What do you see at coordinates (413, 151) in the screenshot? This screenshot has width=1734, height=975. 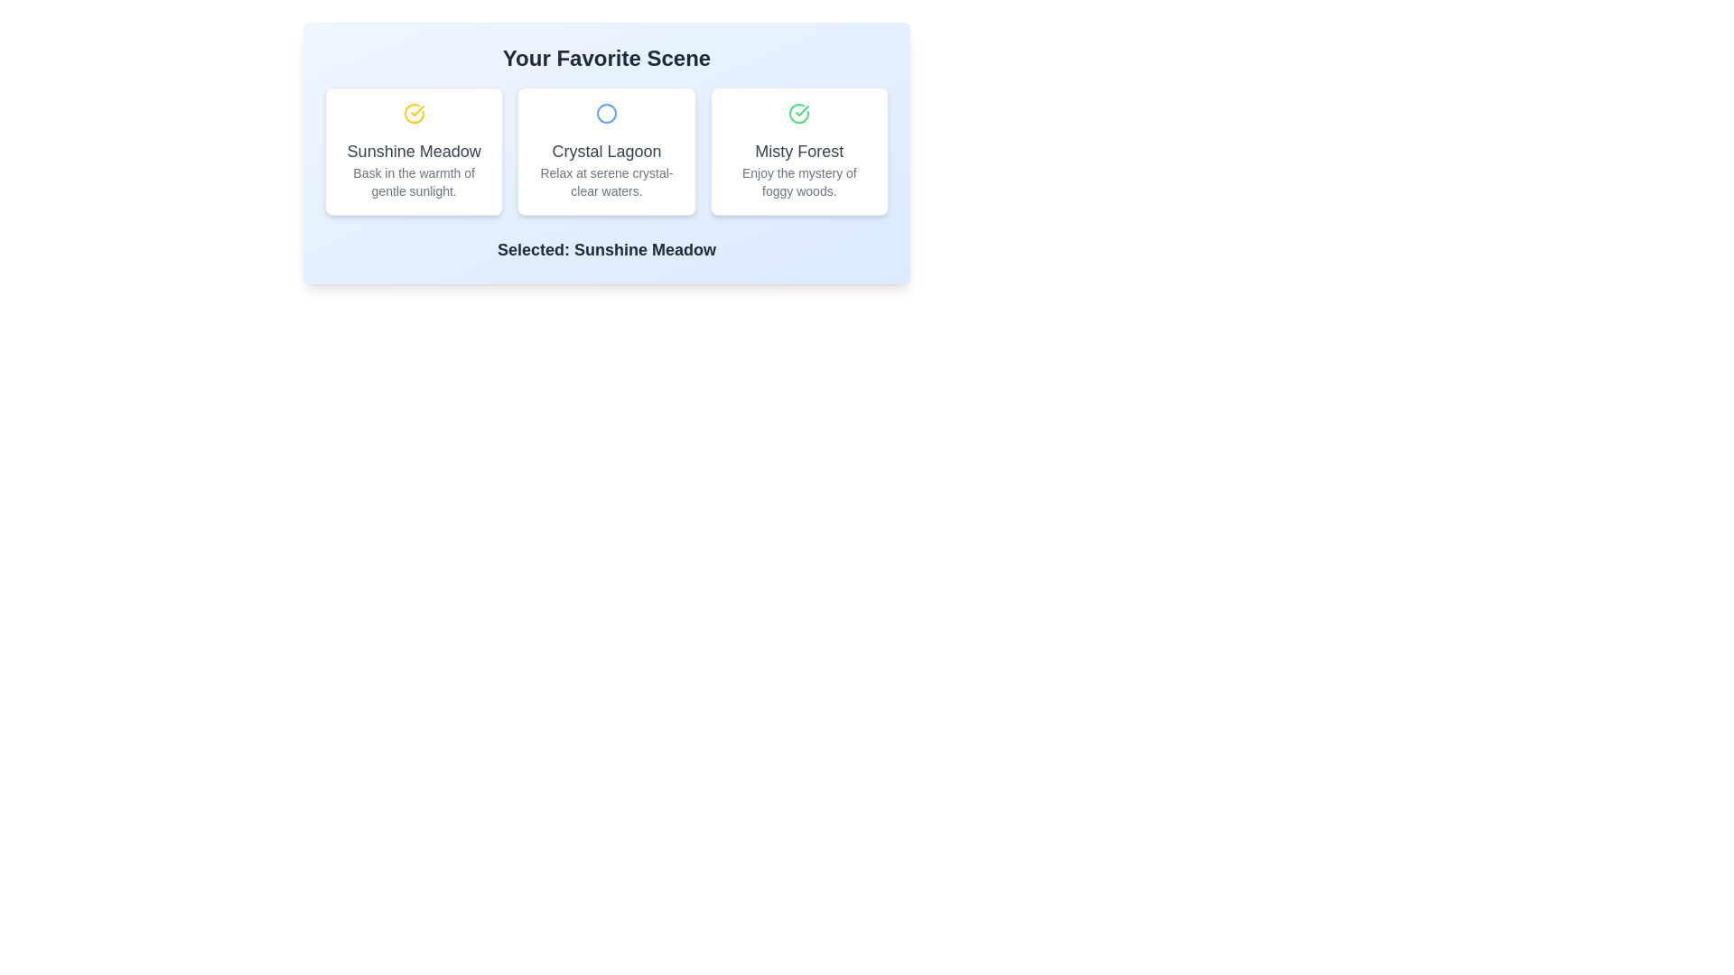 I see `the first Option Card in a multiple-choice selection interface, which is positioned on the leftmost side of the row, adjacent to the 'Crystal Lagoon' card` at bounding box center [413, 151].